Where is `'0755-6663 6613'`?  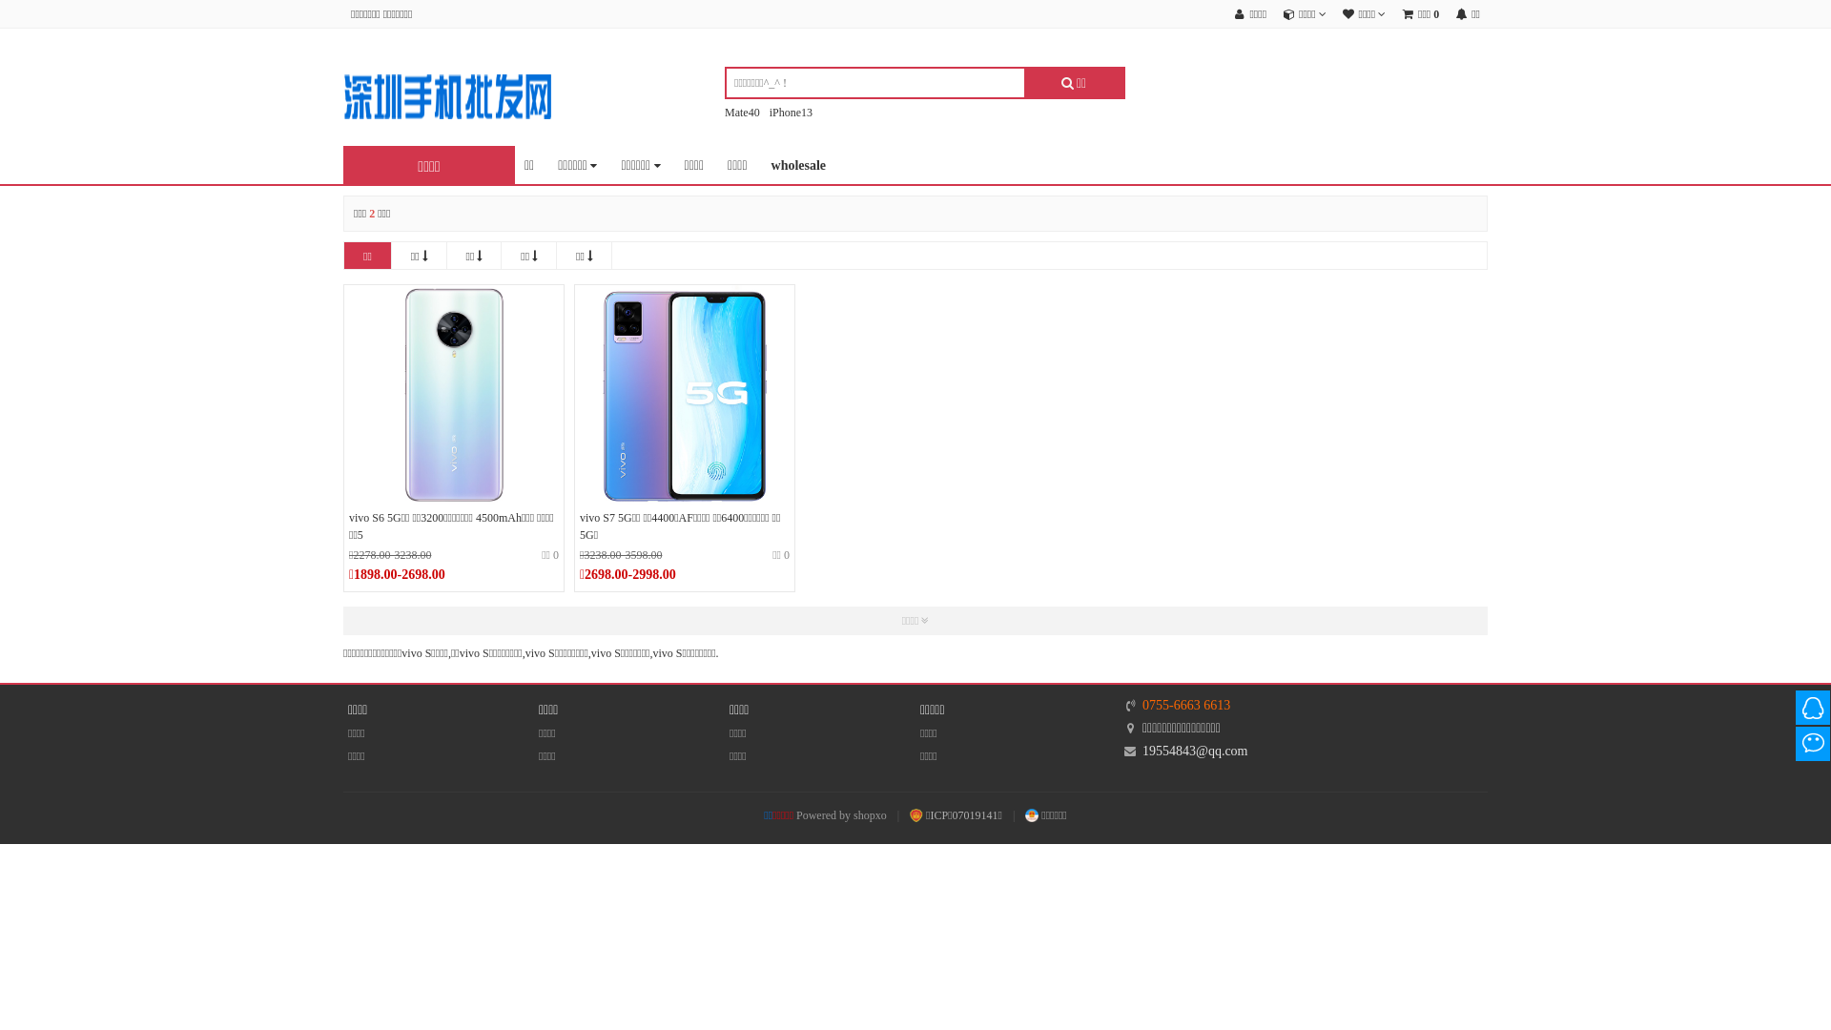
'0755-6663 6613' is located at coordinates (1184, 705).